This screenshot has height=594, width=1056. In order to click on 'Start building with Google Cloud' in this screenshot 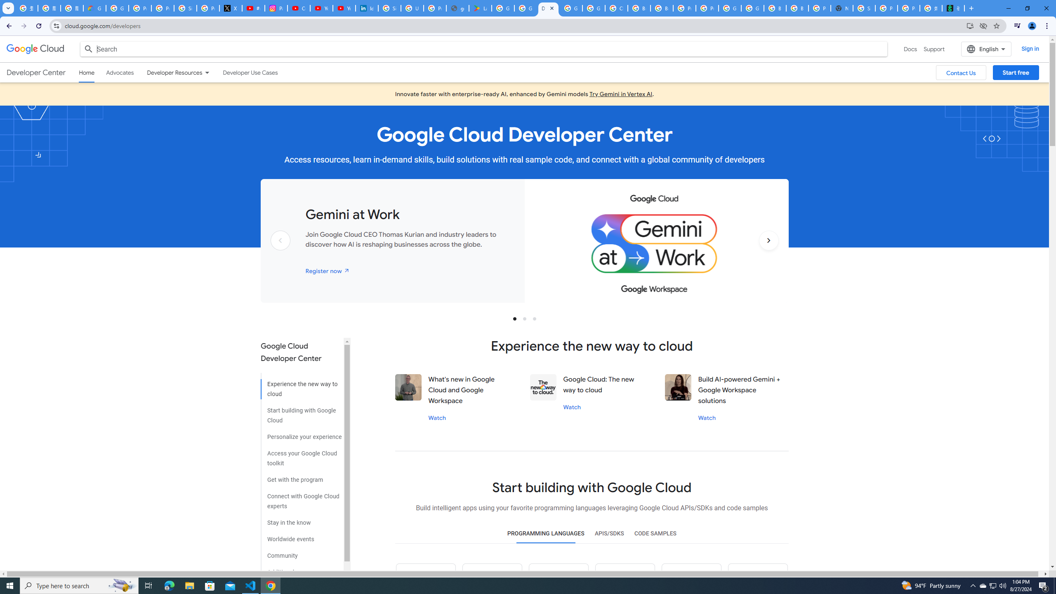, I will do `click(301, 412)`.